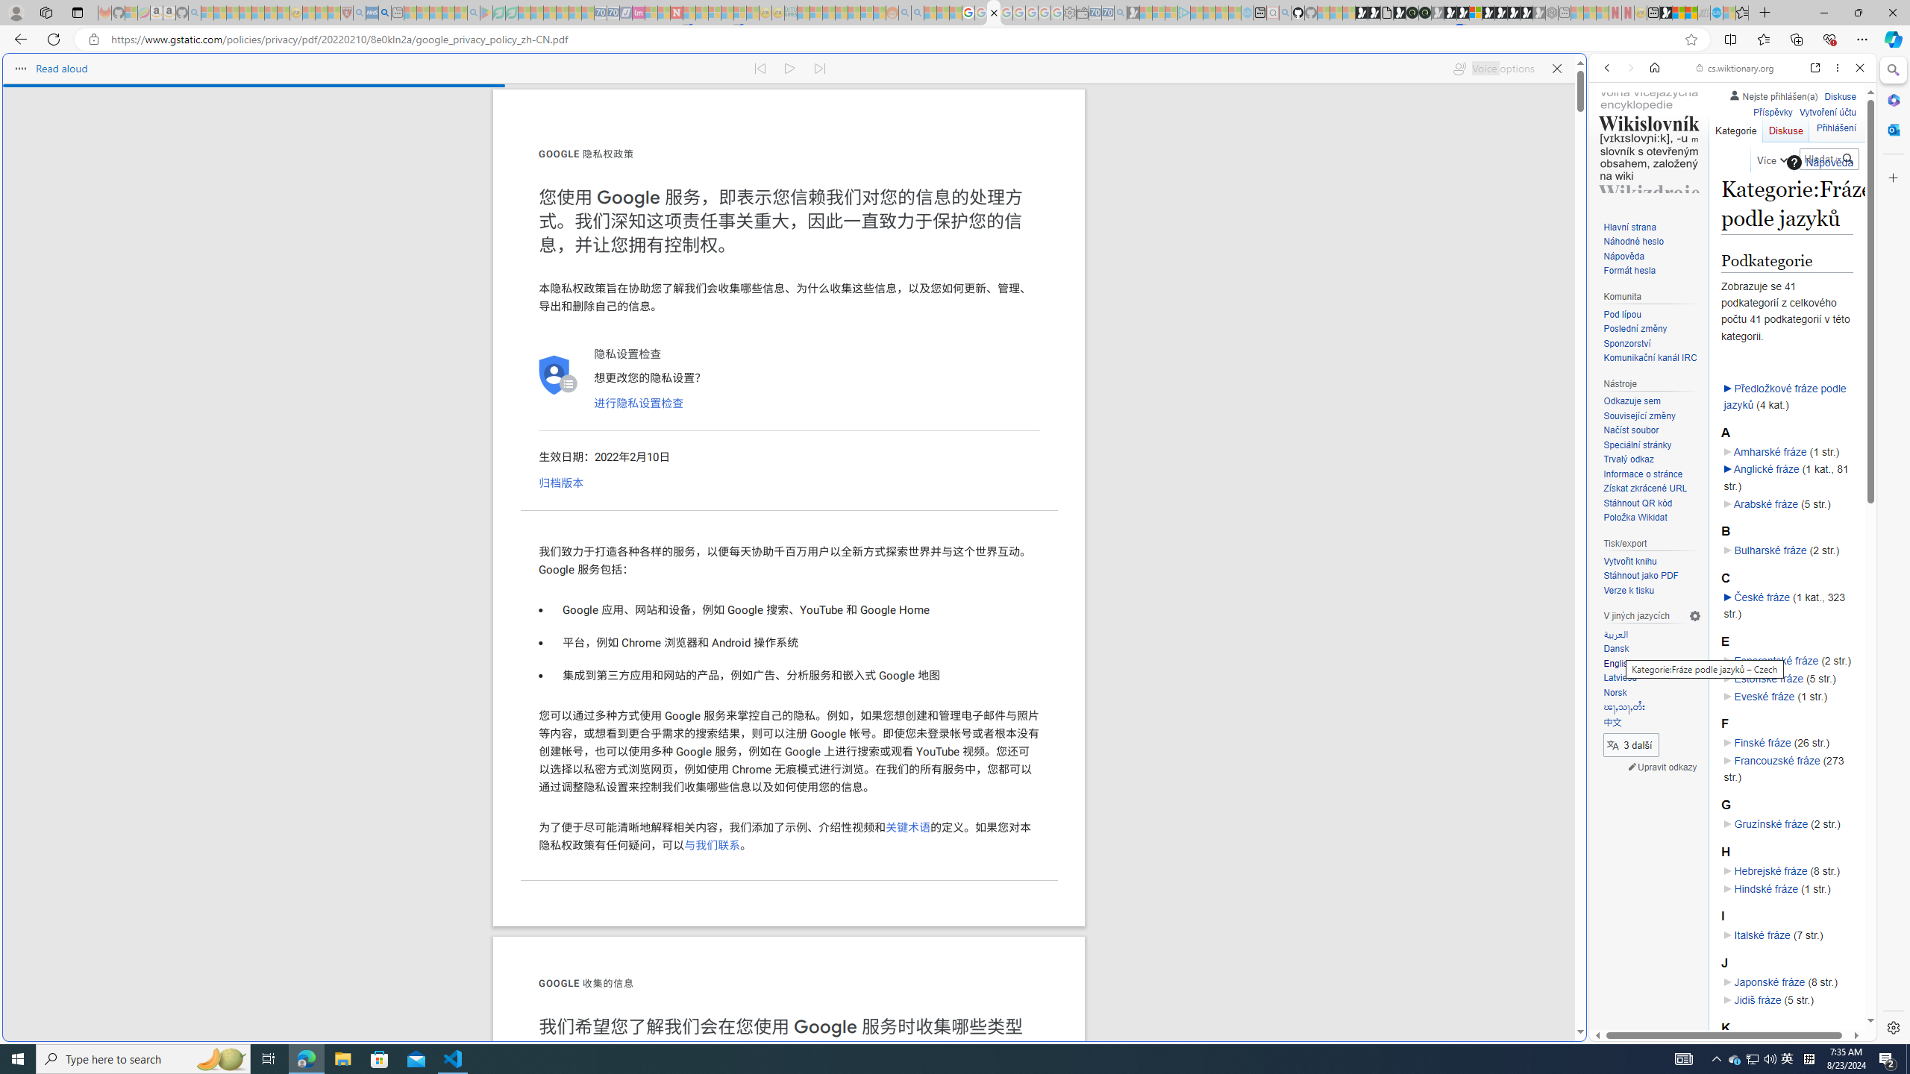 The image size is (1910, 1074). I want to click on '14 Common Myths Debunked By Scientific Facts - Sleeping', so click(701, 12).